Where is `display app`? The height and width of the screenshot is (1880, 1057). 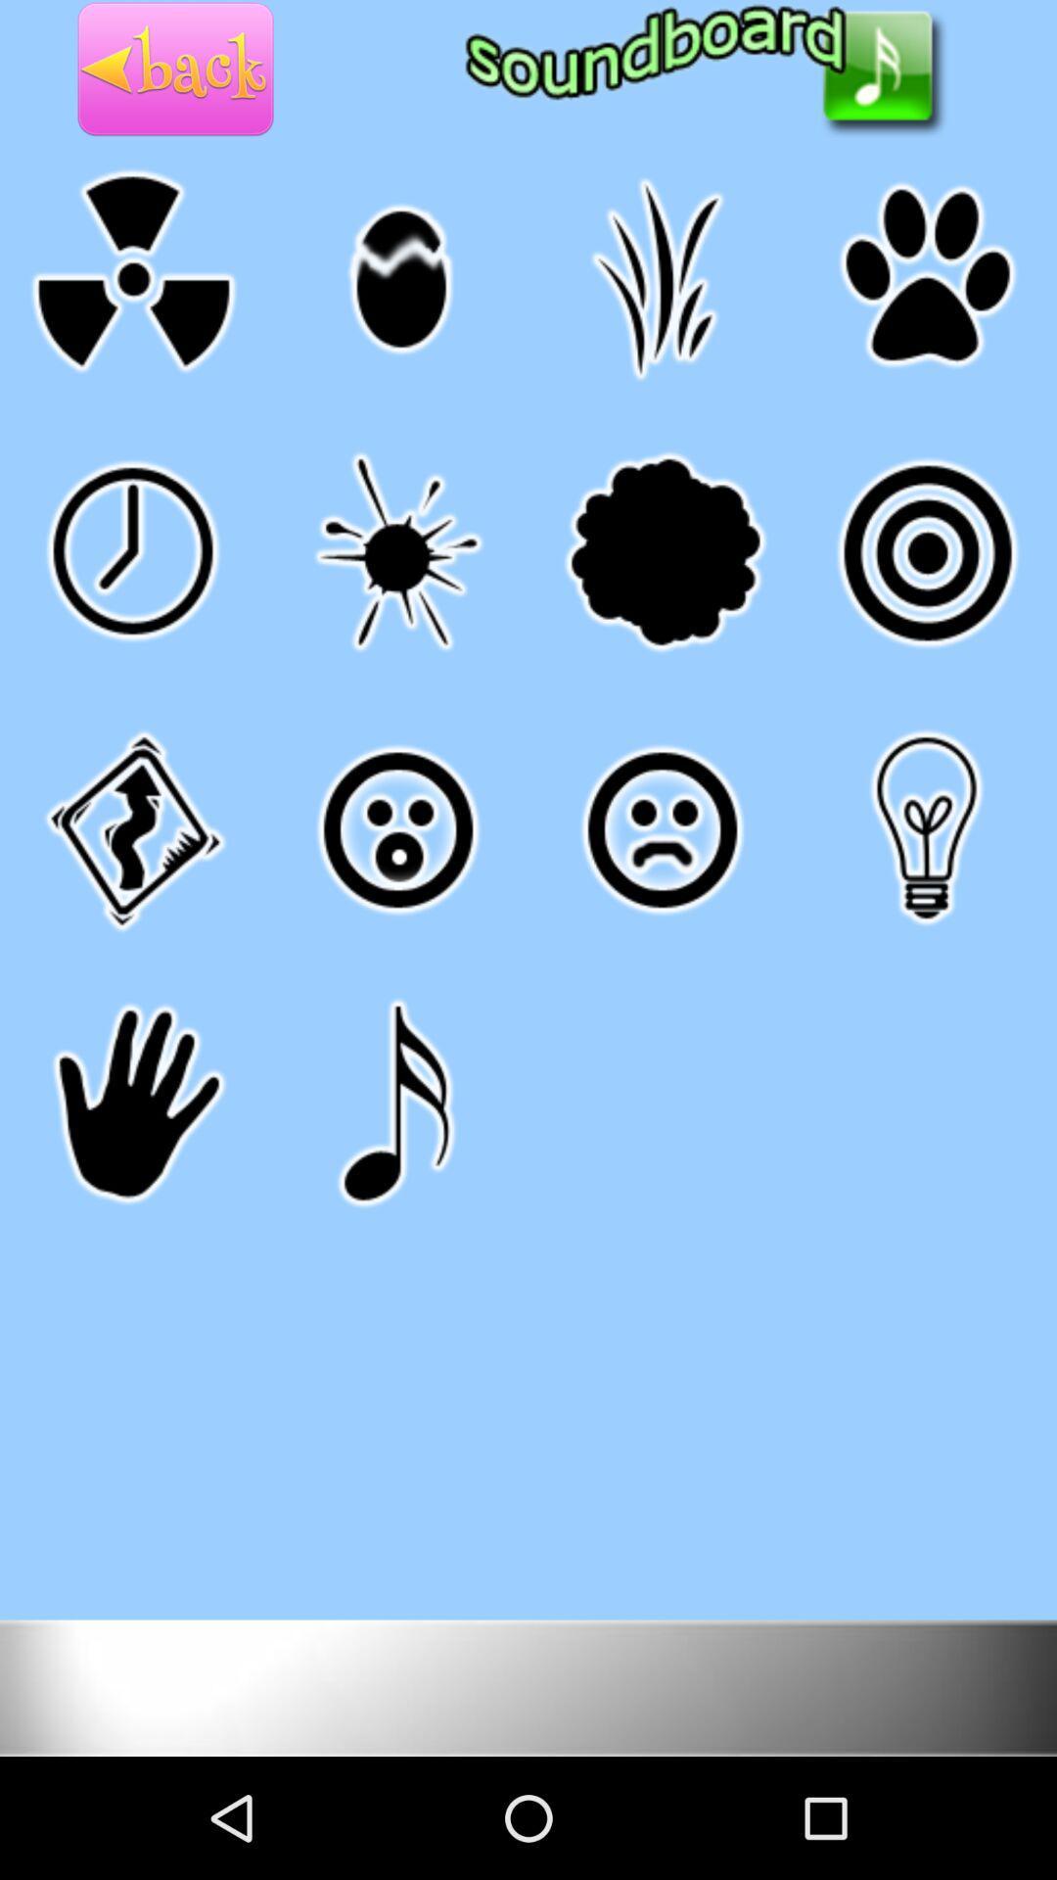 display app is located at coordinates (528, 1686).